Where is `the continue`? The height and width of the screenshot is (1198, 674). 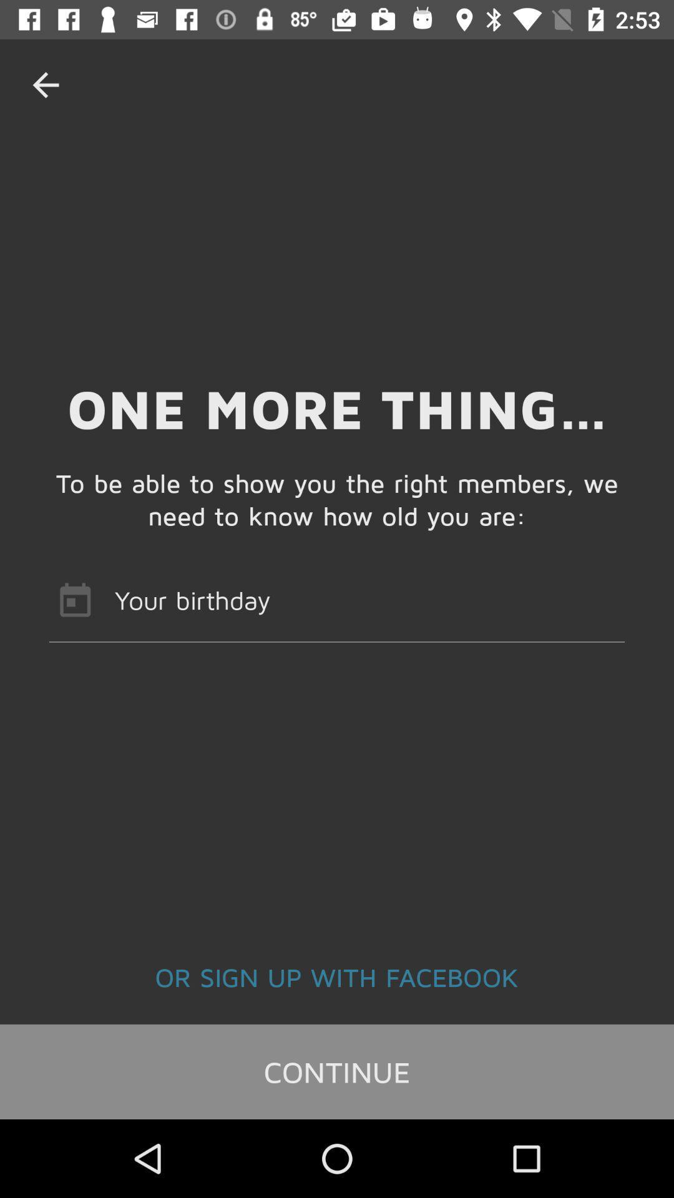
the continue is located at coordinates (337, 1071).